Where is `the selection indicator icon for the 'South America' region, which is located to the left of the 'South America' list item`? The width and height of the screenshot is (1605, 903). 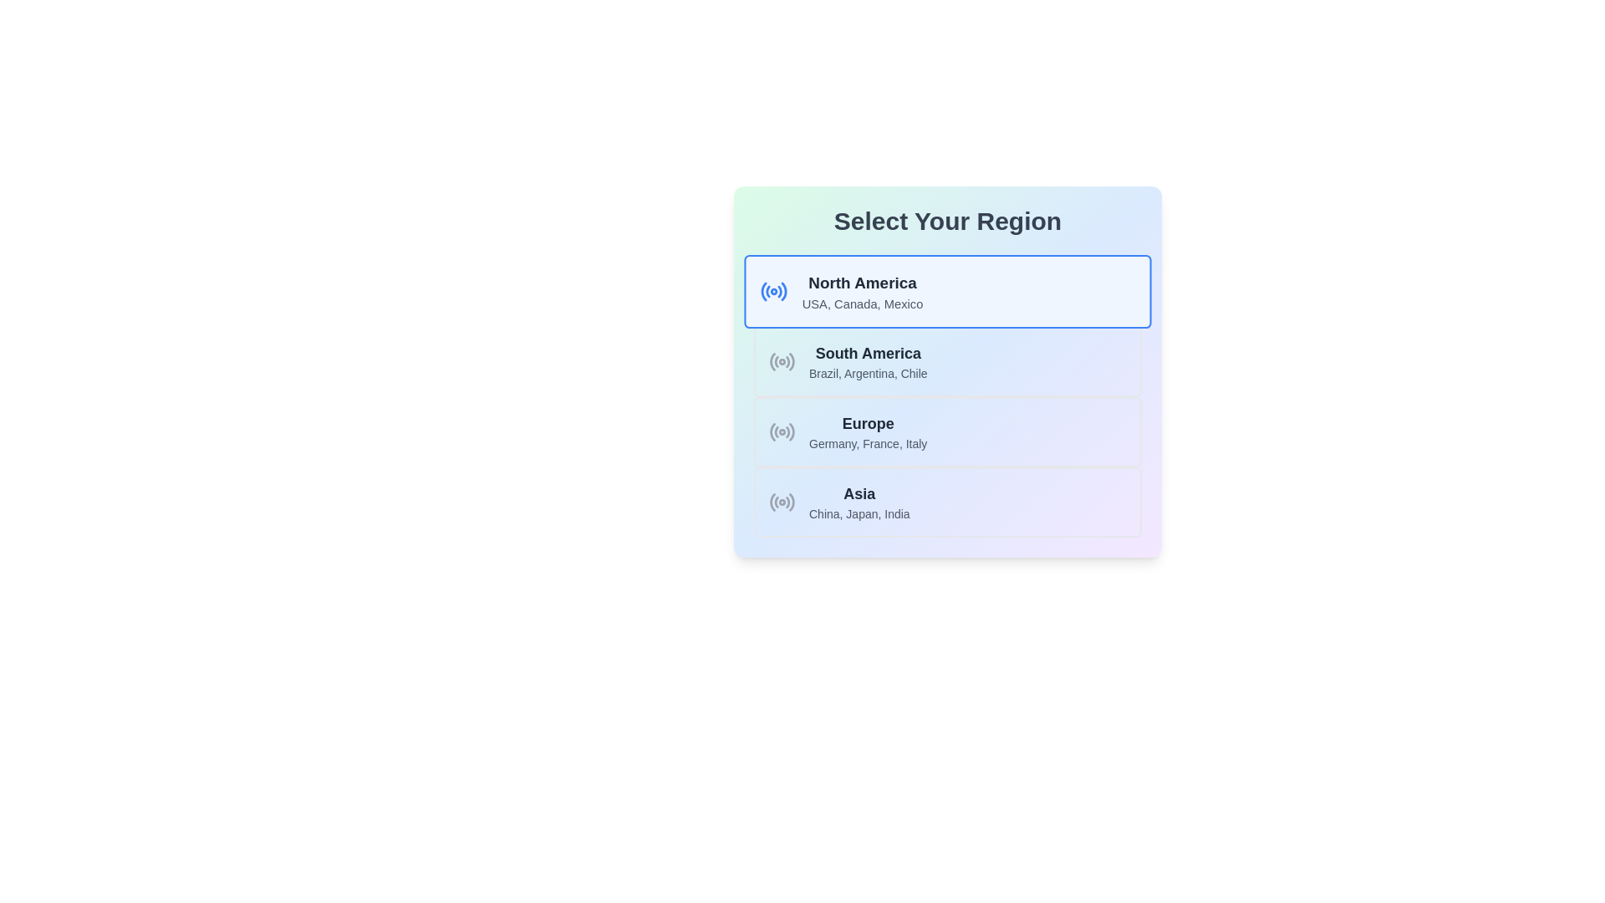 the selection indicator icon for the 'South America' region, which is located to the left of the 'South America' list item is located at coordinates (782, 360).